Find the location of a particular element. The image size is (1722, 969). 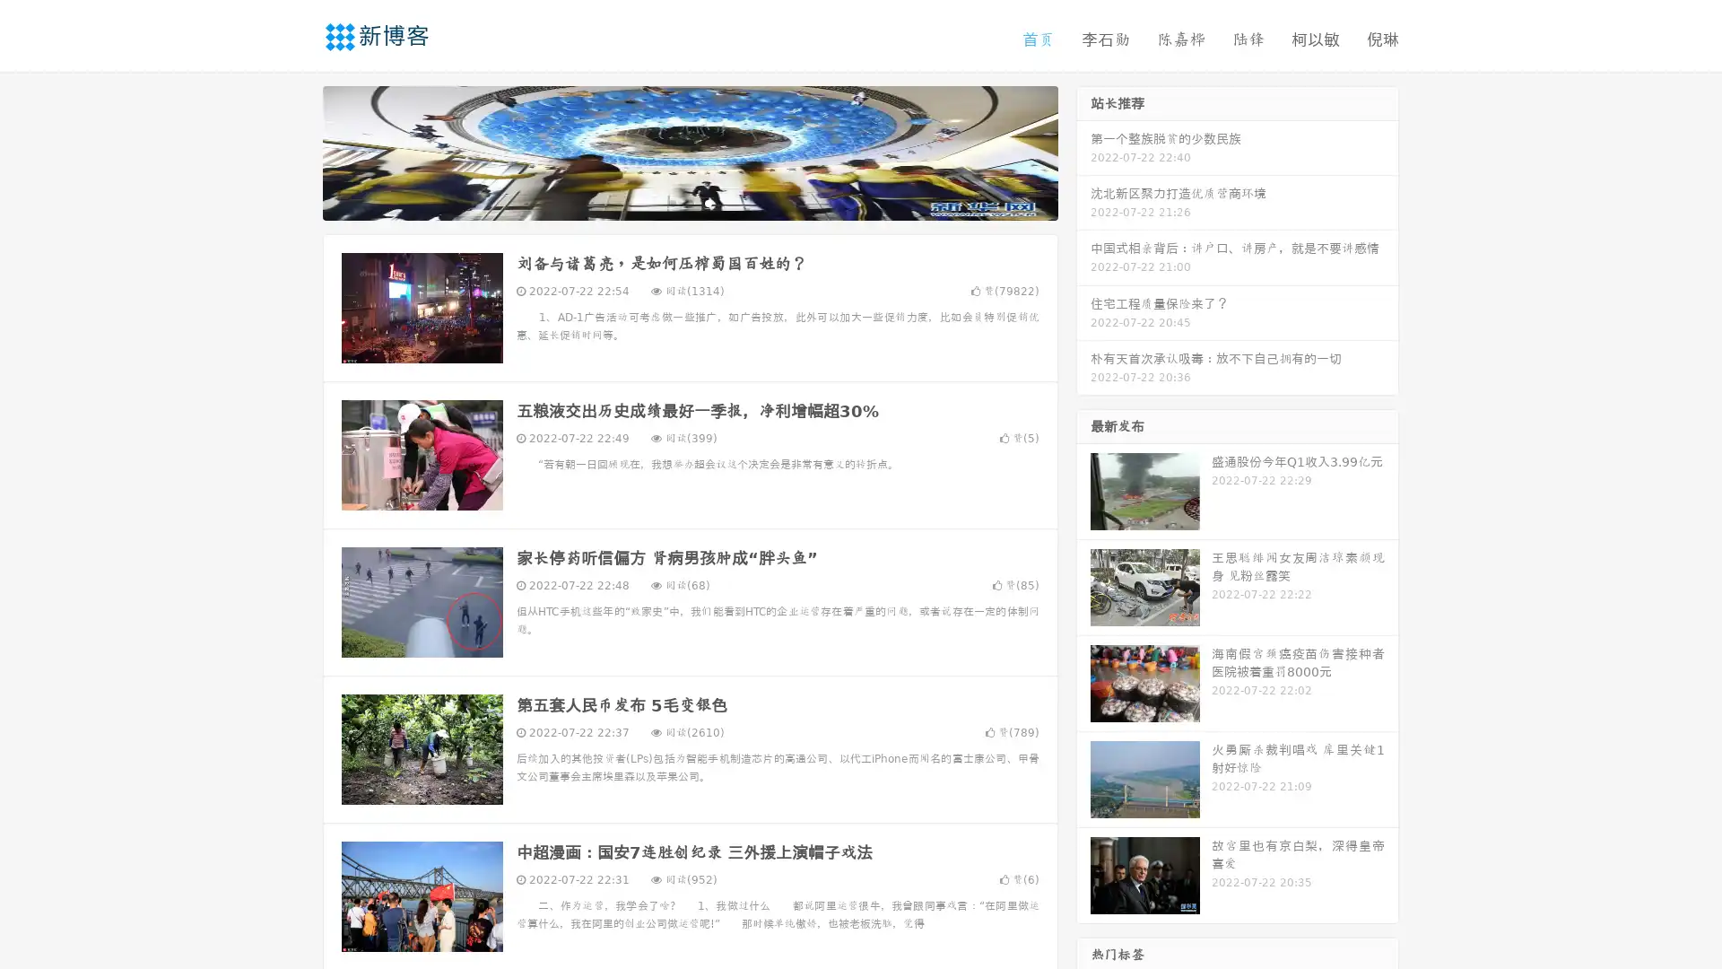

Go to slide 3 is located at coordinates (708, 202).